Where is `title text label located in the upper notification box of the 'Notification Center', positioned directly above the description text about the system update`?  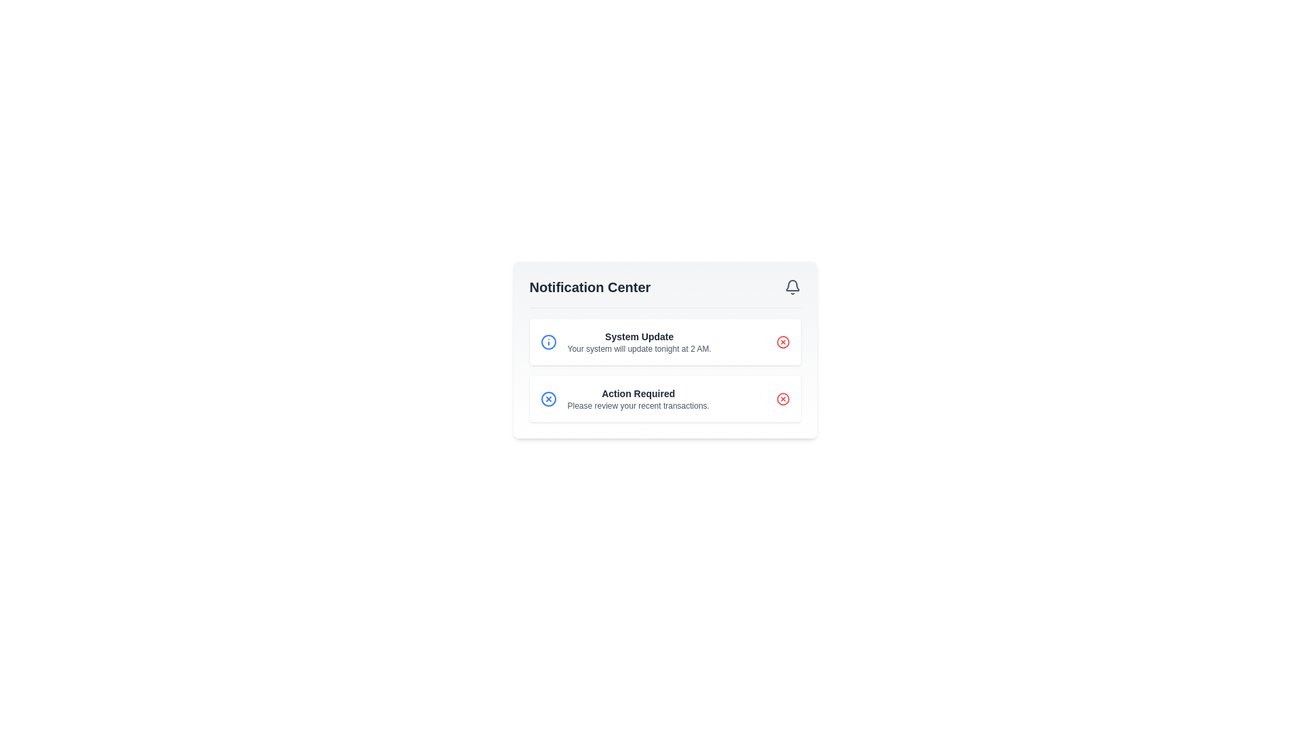
title text label located in the upper notification box of the 'Notification Center', positioned directly above the description text about the system update is located at coordinates (638, 336).